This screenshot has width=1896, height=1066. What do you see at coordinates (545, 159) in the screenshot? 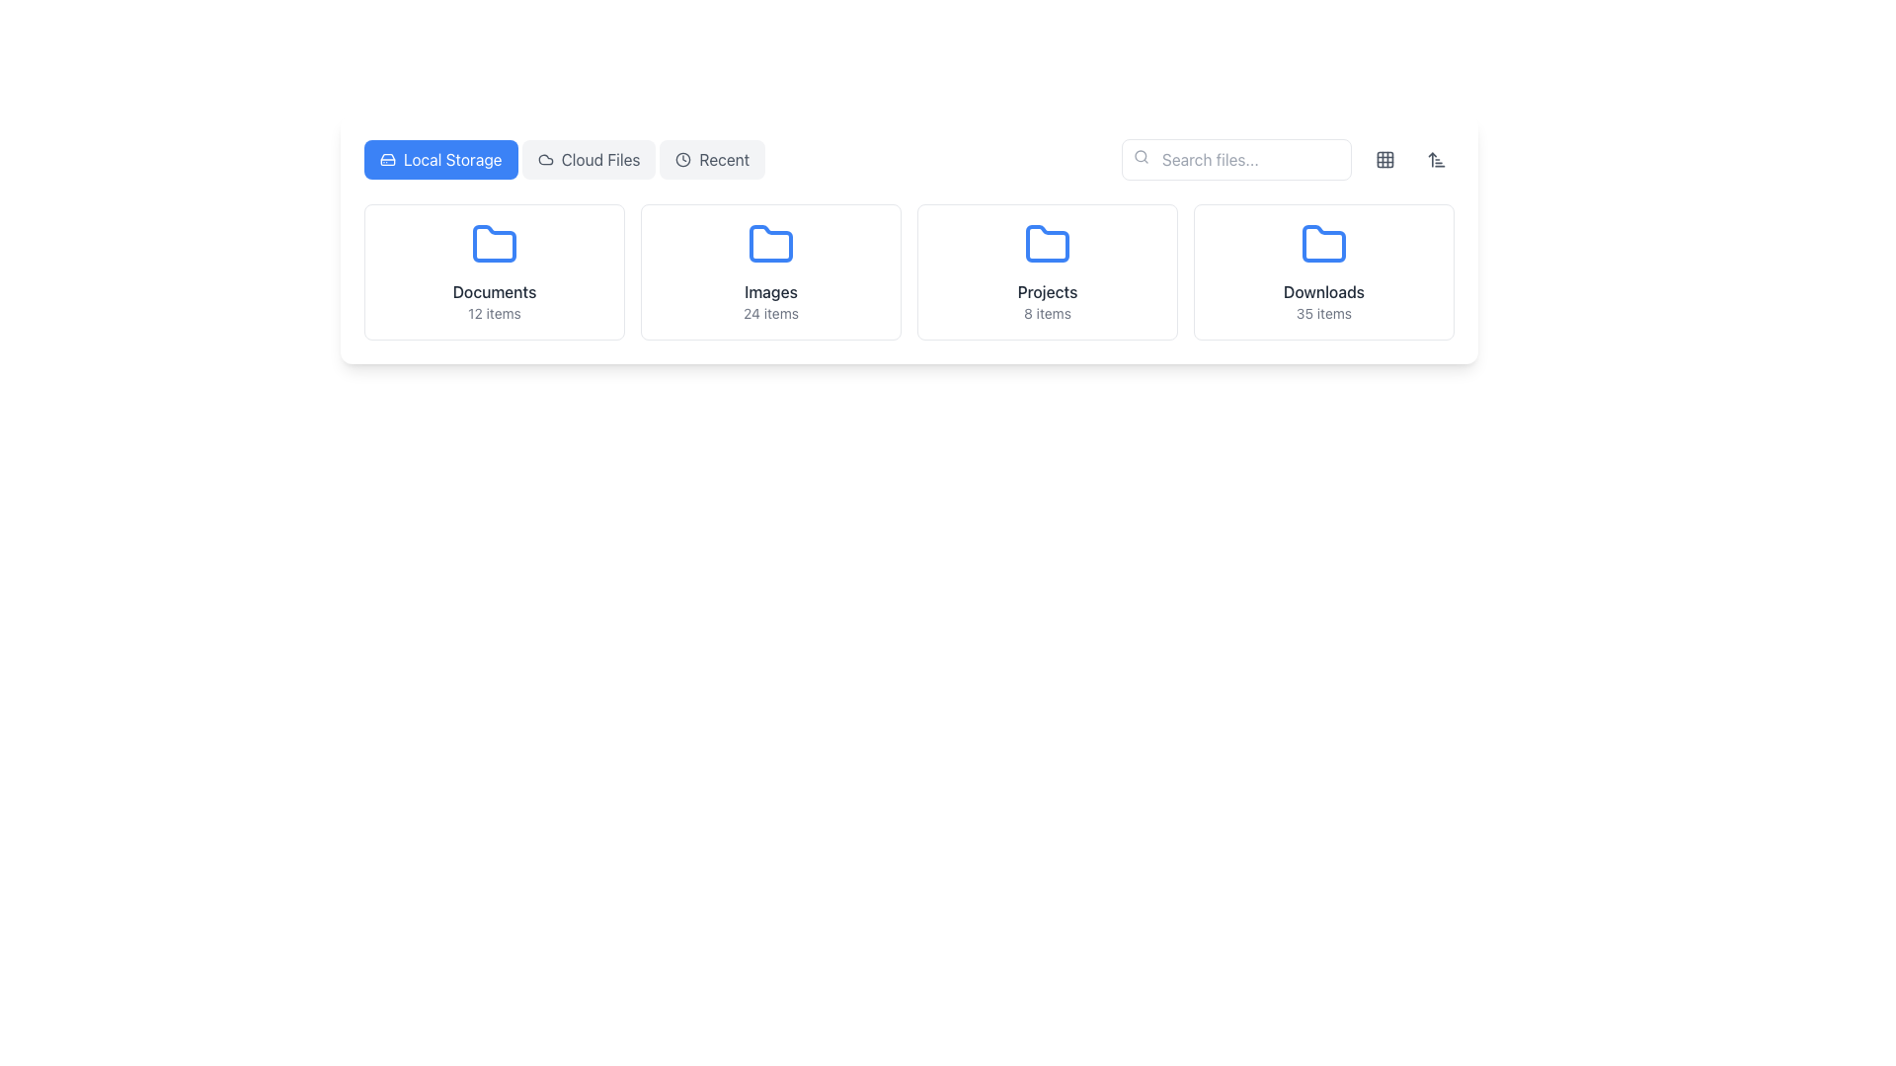
I see `the 'Cloud Files' icon, which is located in the second position of the horizontal navigation options, to enhance recognizability and aid navigation` at bounding box center [545, 159].